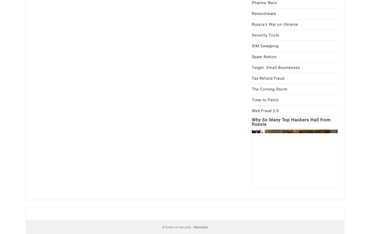 Image resolution: width=370 pixels, height=234 pixels. Describe the element at coordinates (270, 88) in the screenshot. I see `'The Coming Storm'` at that location.